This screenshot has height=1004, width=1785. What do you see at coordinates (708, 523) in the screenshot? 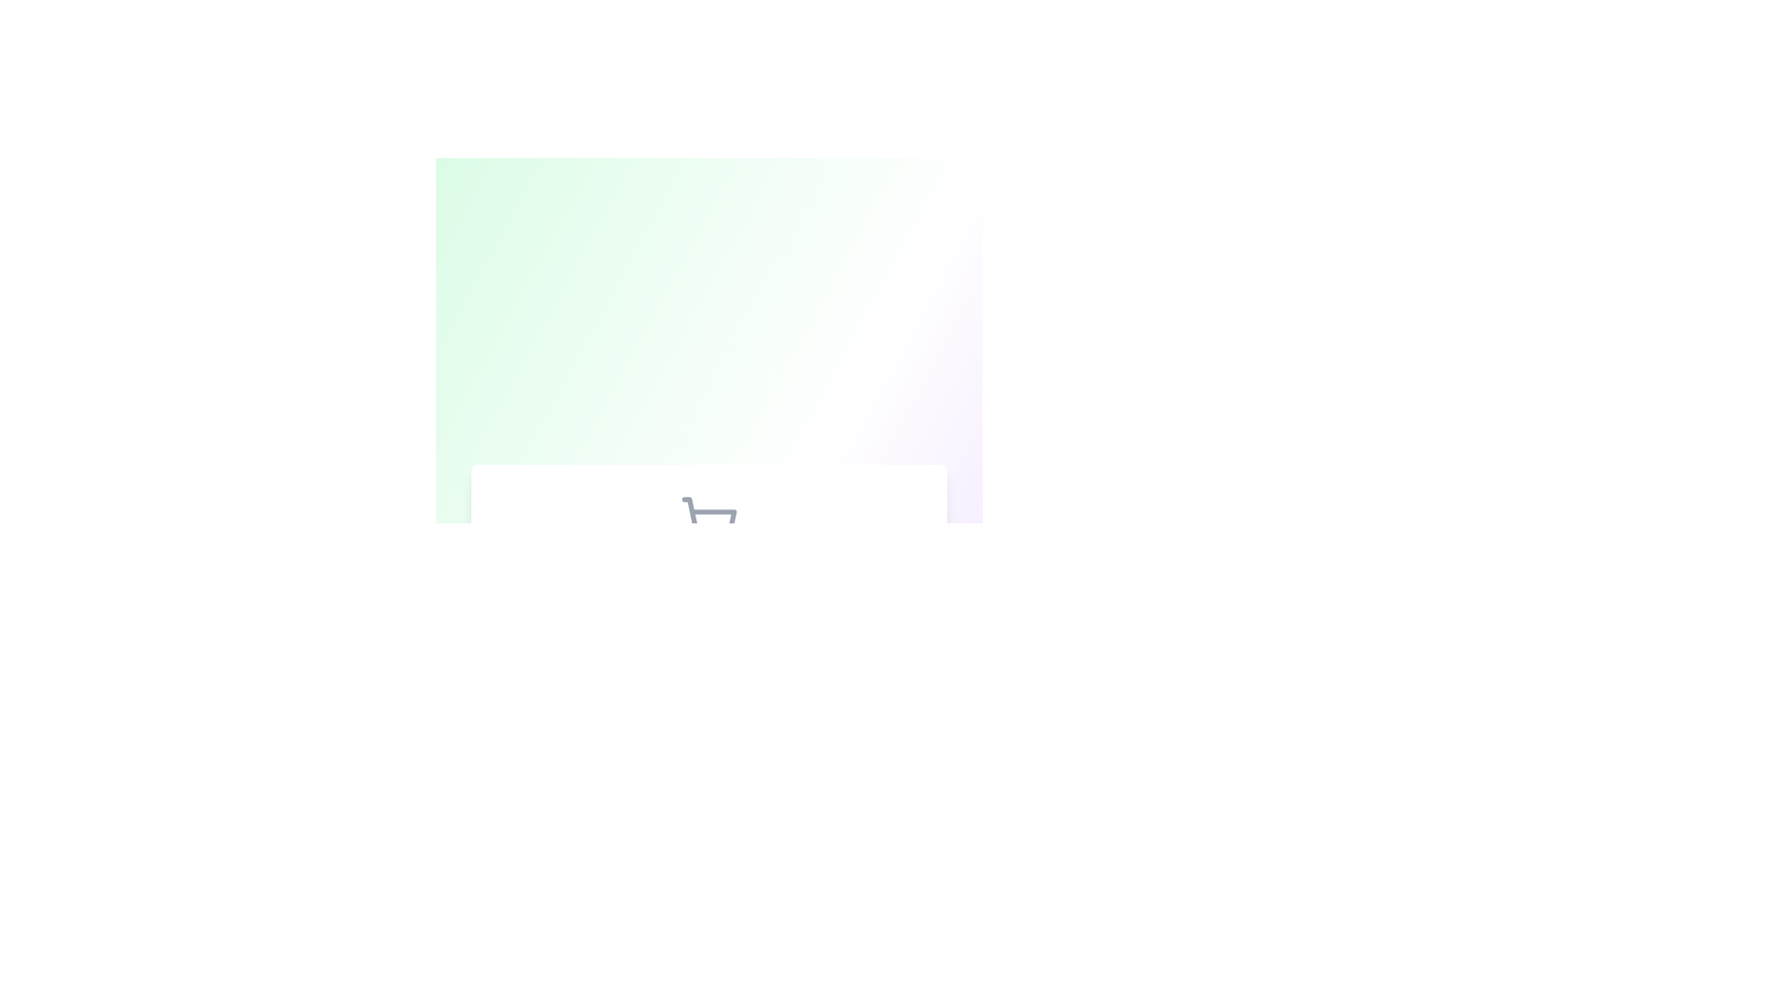
I see `the shopping cart icon, which is a gray icon with two circular wheels, centrally aligned above the heading 'Your Cart is Empty'` at bounding box center [708, 523].